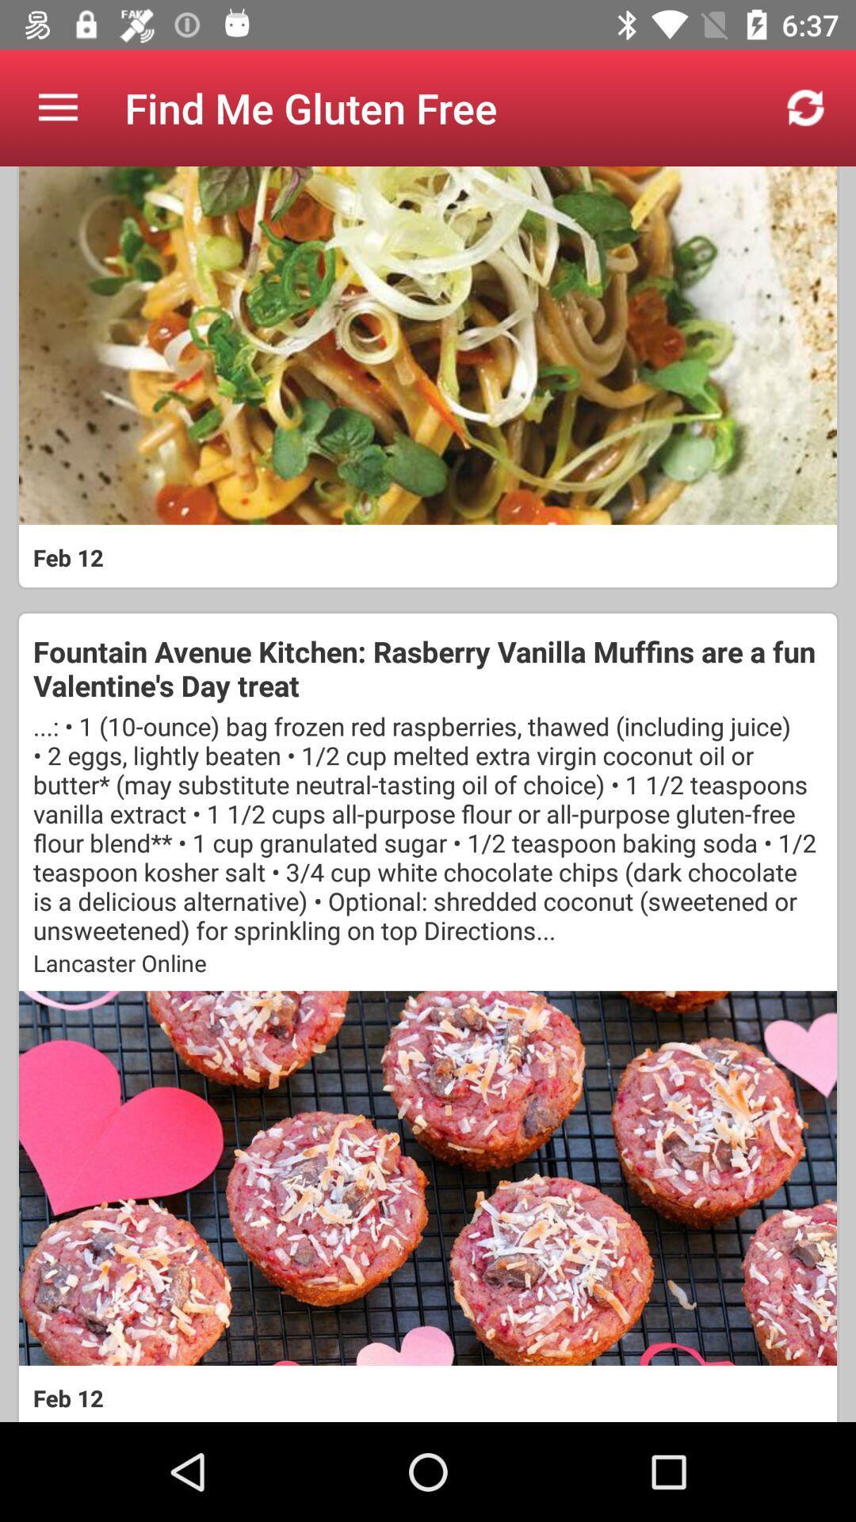 Image resolution: width=856 pixels, height=1522 pixels. I want to click on item next to the find me gluten app, so click(806, 107).